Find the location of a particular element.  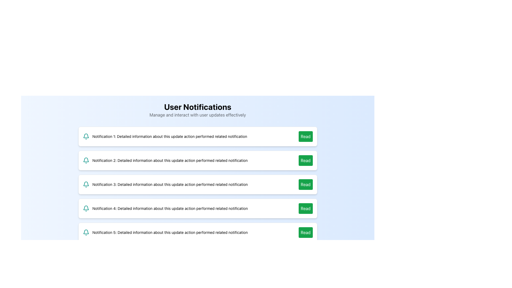

the teal bell-shaped icon located at the beginning of the notification row for 'Notification 3: Detailed information about this update action performed related notification' is located at coordinates (86, 184).